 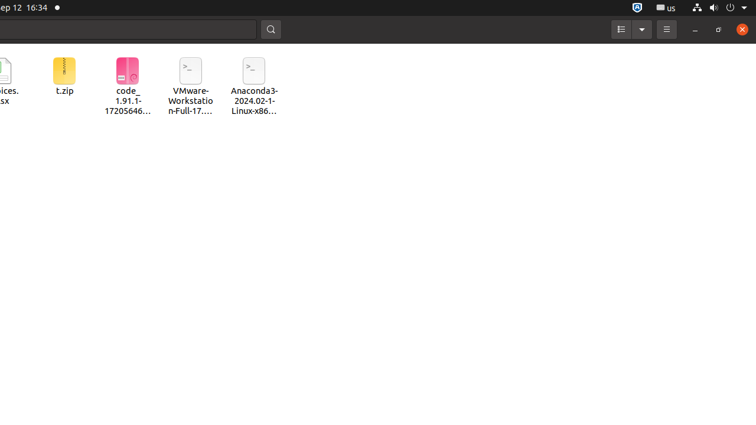 What do you see at coordinates (191, 86) in the screenshot?
I see `'VMware-Workstation-Full-17.5.2-23775571.x86_64.bundle'` at bounding box center [191, 86].